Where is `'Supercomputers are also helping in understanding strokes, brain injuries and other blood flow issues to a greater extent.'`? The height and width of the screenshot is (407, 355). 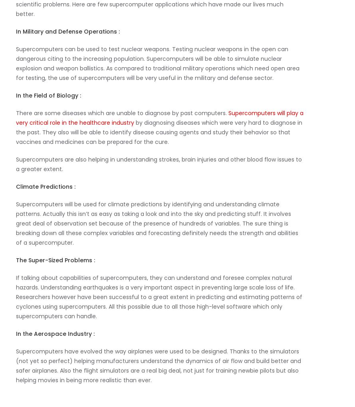 'Supercomputers are also helping in understanding strokes, brain injuries and other blood flow issues to a greater extent.' is located at coordinates (159, 164).